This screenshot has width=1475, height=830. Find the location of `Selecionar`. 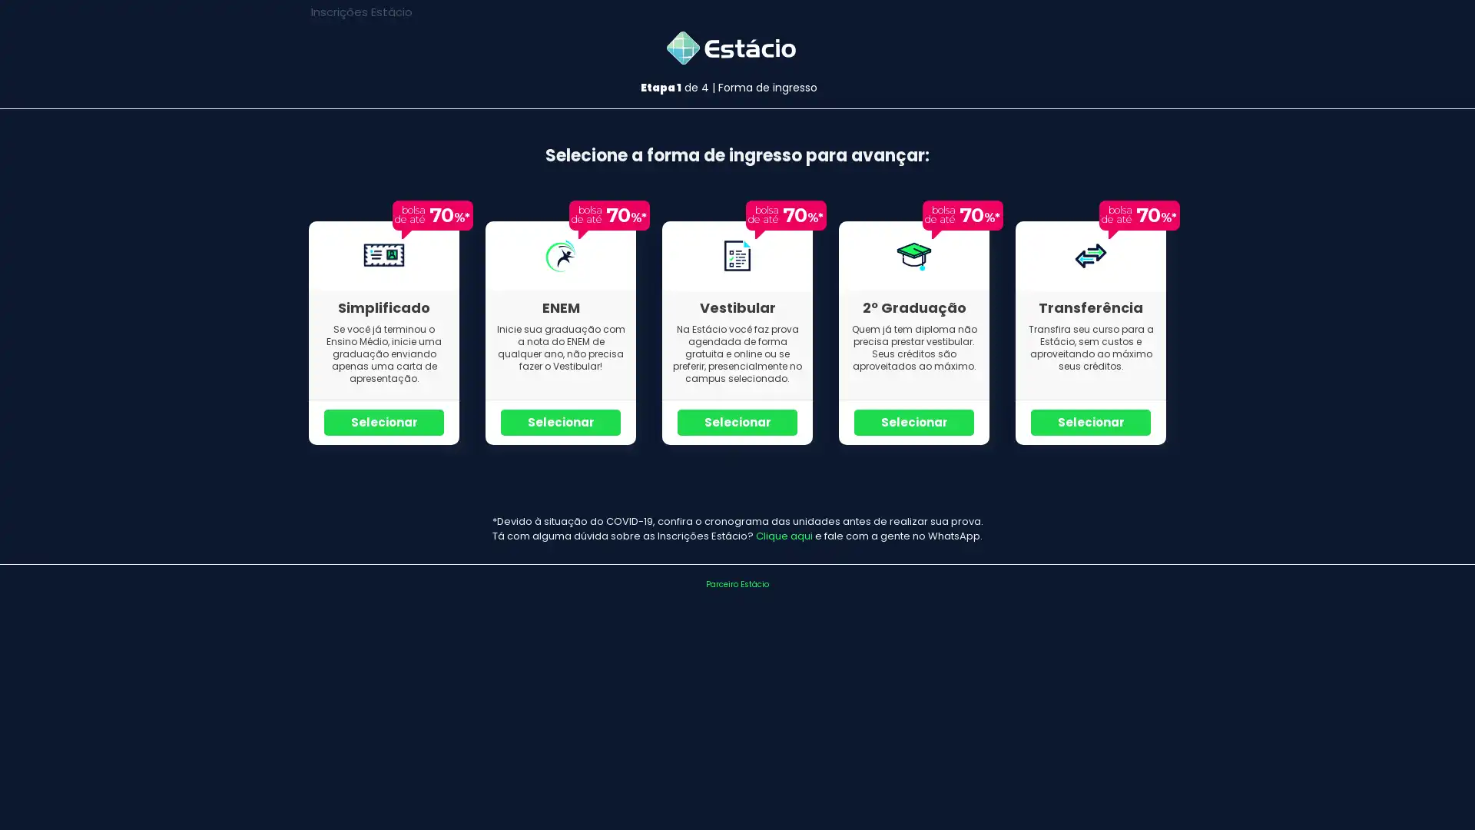

Selecionar is located at coordinates (1090, 421).